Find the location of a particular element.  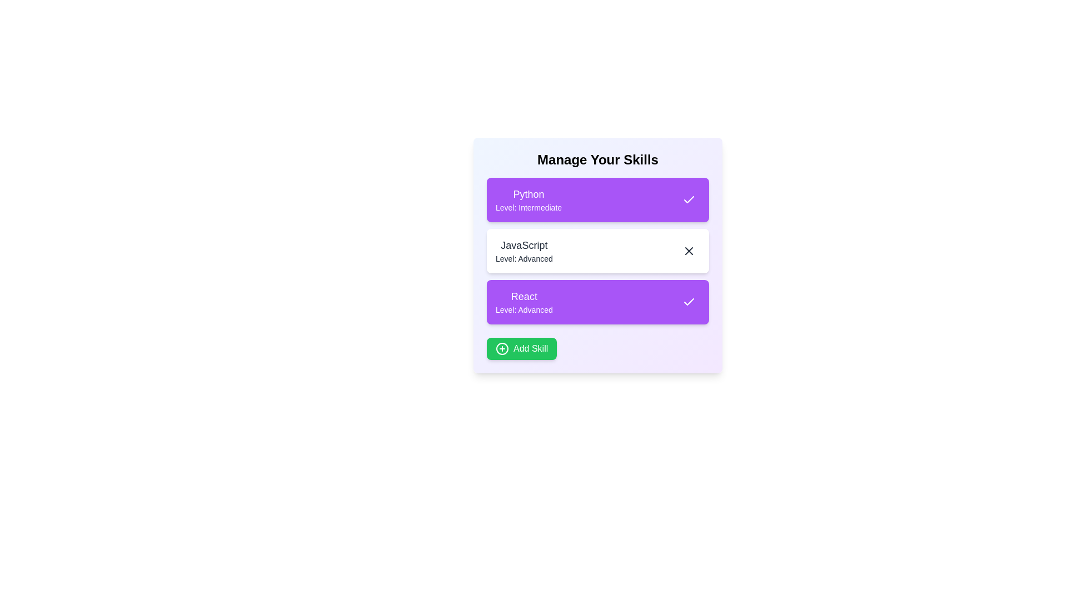

the skill React is located at coordinates (688, 302).